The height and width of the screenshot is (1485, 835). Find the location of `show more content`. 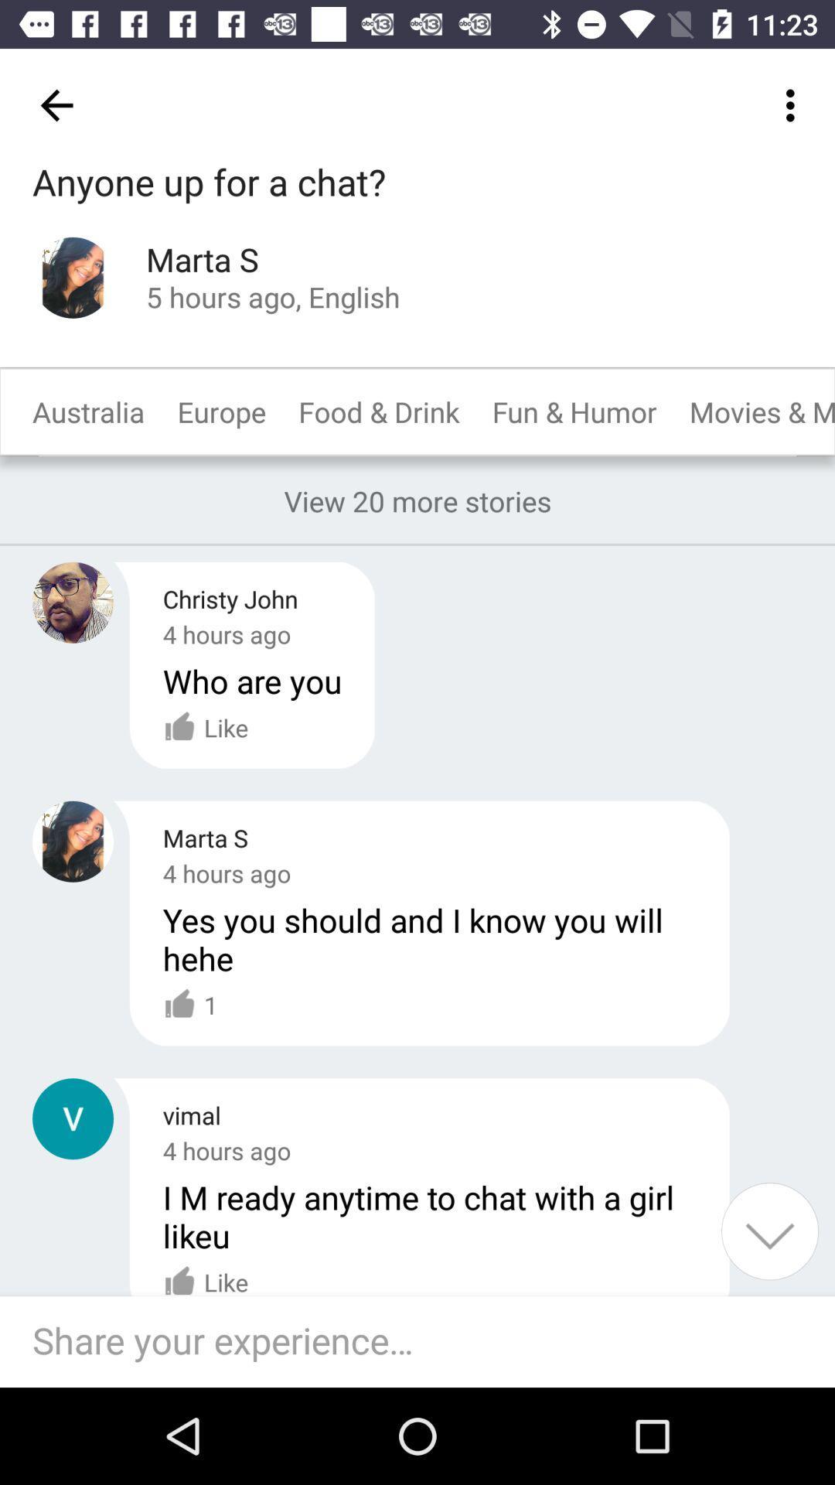

show more content is located at coordinates (769, 1231).